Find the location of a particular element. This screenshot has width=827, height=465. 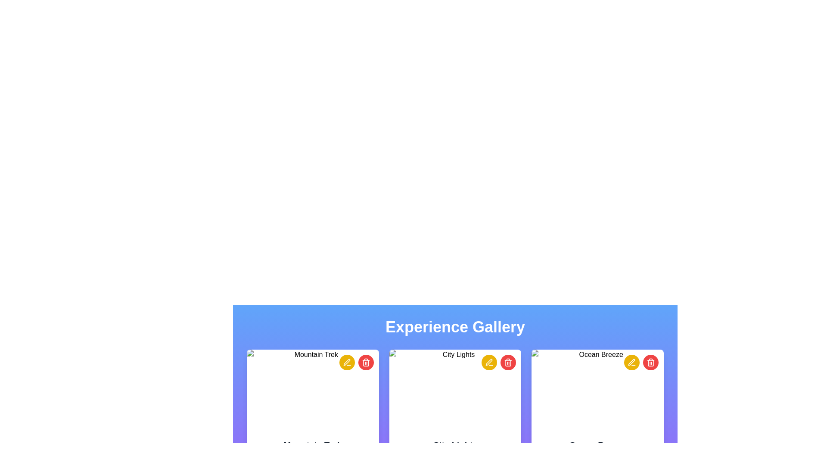

the edit button located at the top-right corner of the card is located at coordinates (347, 362).